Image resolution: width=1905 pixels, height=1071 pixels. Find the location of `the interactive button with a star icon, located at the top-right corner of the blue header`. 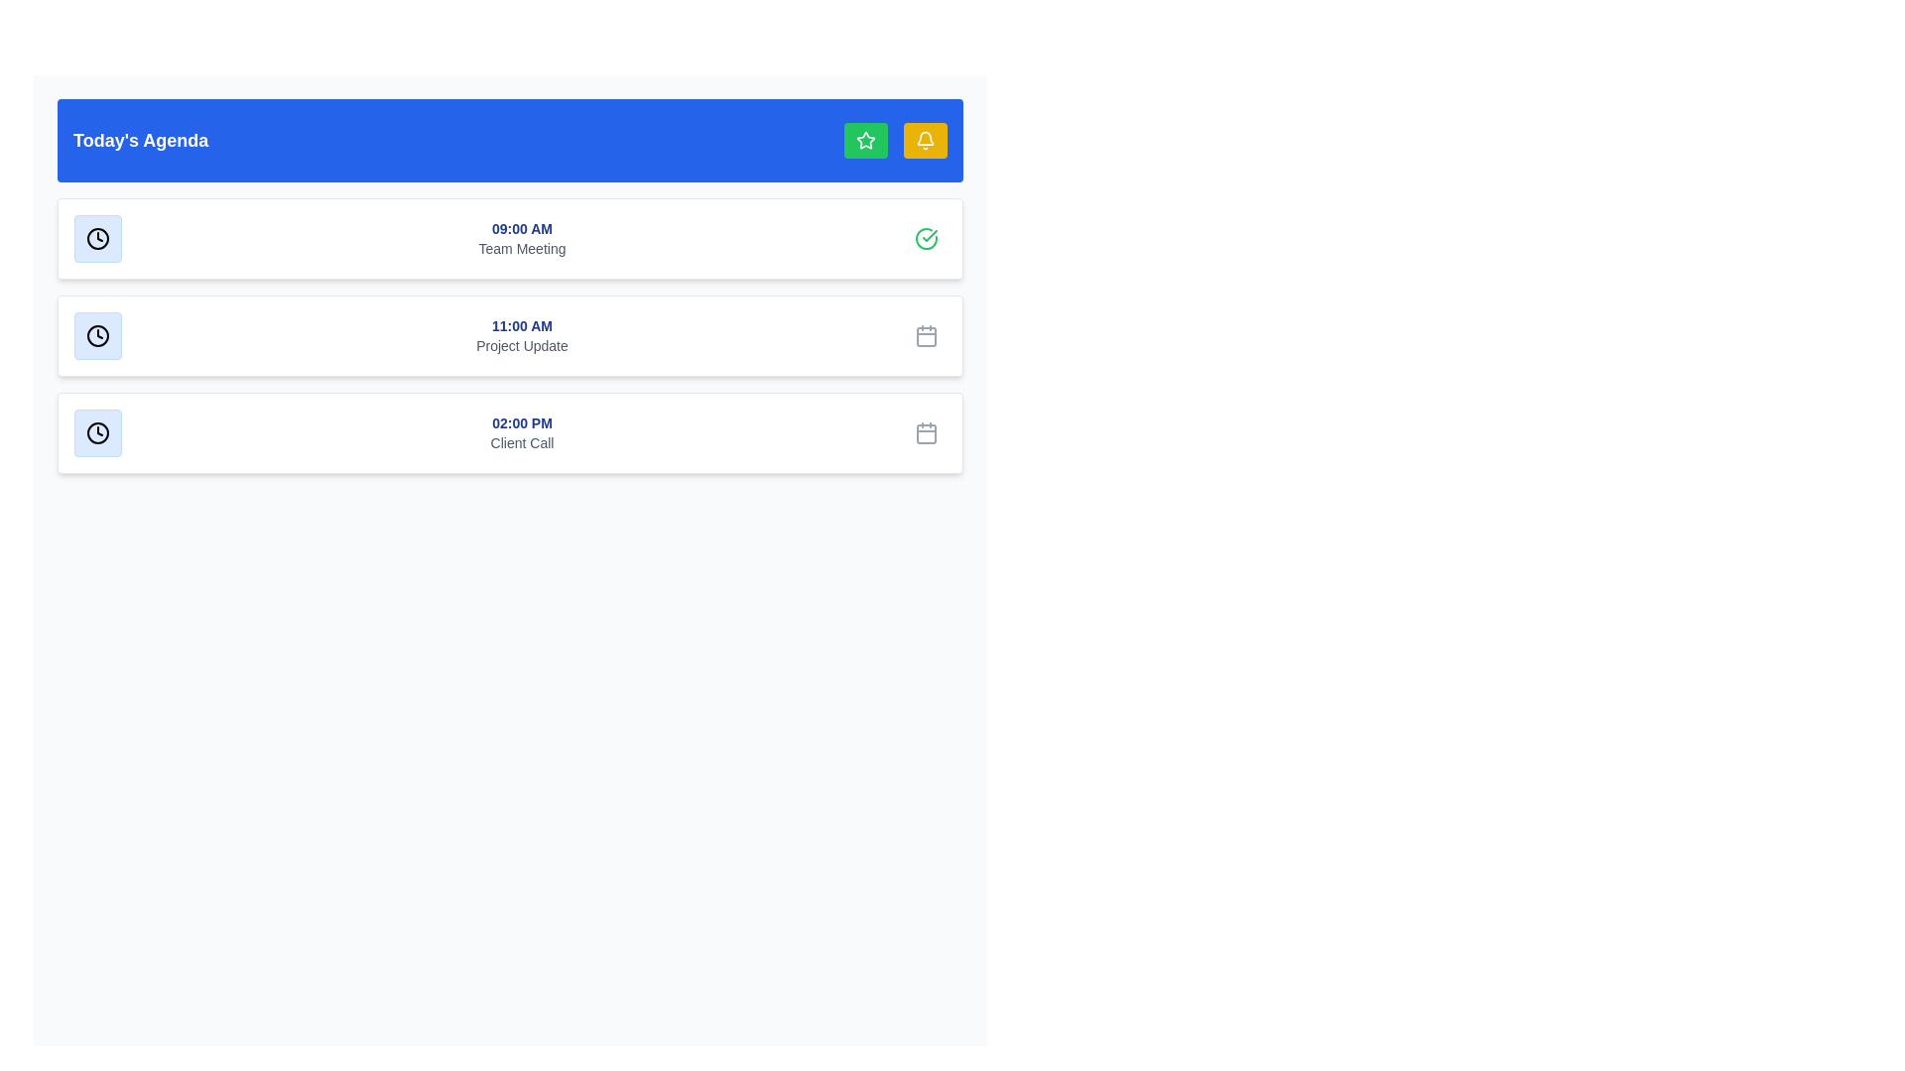

the interactive button with a star icon, located at the top-right corner of the blue header is located at coordinates (866, 140).